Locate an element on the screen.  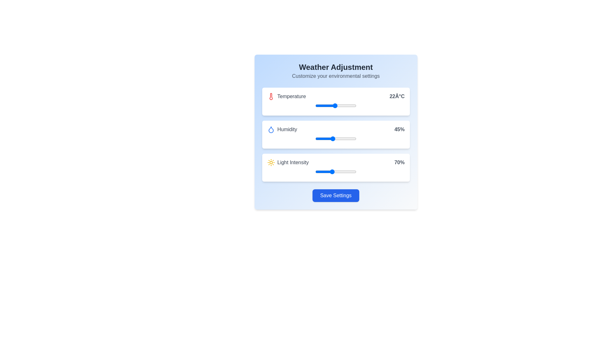
the humidity is located at coordinates (319, 138).